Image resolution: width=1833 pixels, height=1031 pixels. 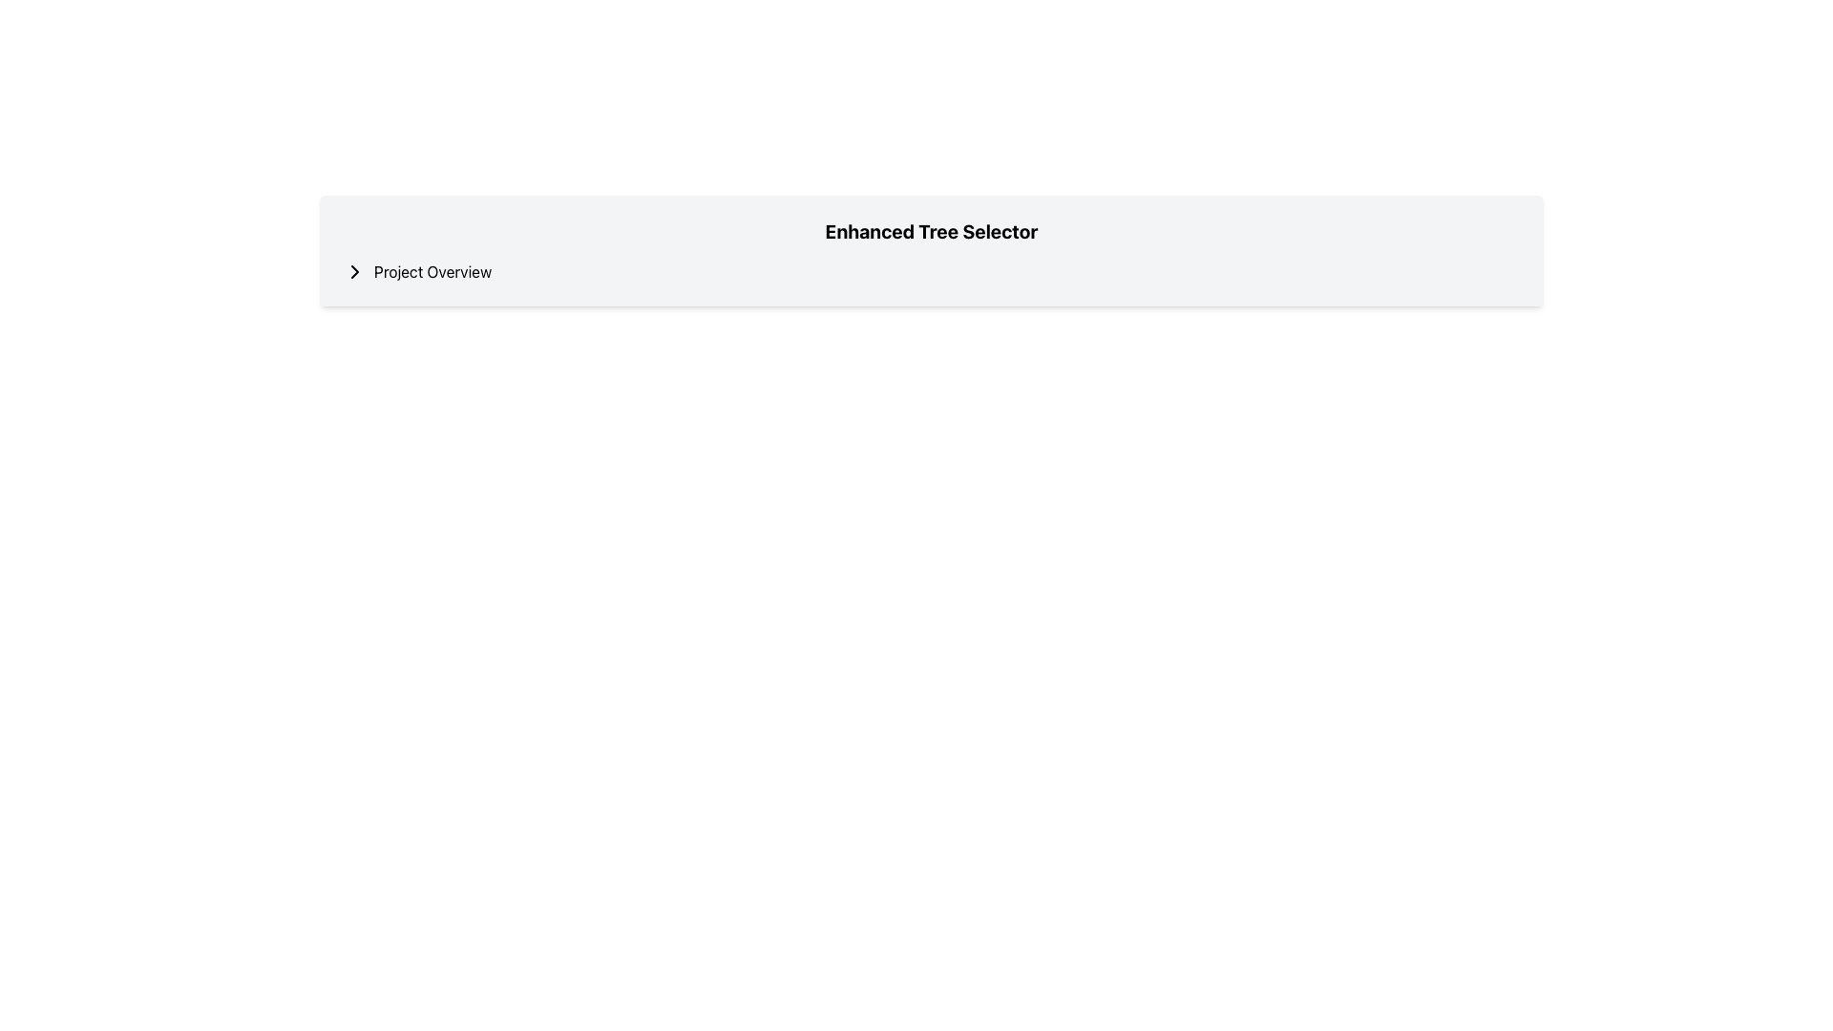 What do you see at coordinates (432, 272) in the screenshot?
I see `text 'Project Overview' from the label located to the right of the chevron icon, which is positioned towards the upper region of the page` at bounding box center [432, 272].